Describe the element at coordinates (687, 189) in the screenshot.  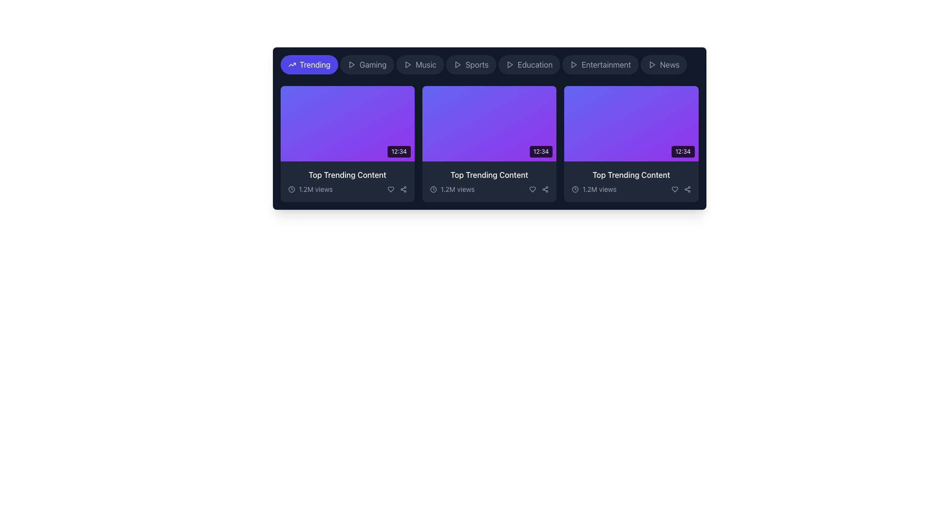
I see `the Icon button represented by three dots forming a triangular shape in the bottom-right corner of the third card` at that location.